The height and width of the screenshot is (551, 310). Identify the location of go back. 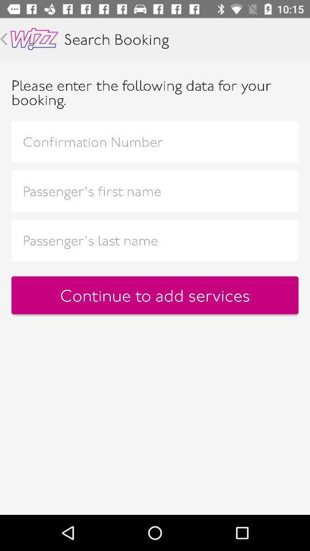
(3, 39).